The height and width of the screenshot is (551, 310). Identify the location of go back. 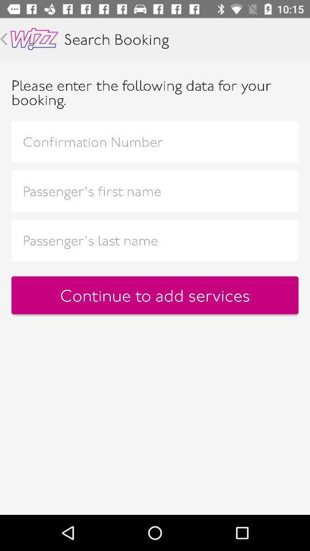
(3, 39).